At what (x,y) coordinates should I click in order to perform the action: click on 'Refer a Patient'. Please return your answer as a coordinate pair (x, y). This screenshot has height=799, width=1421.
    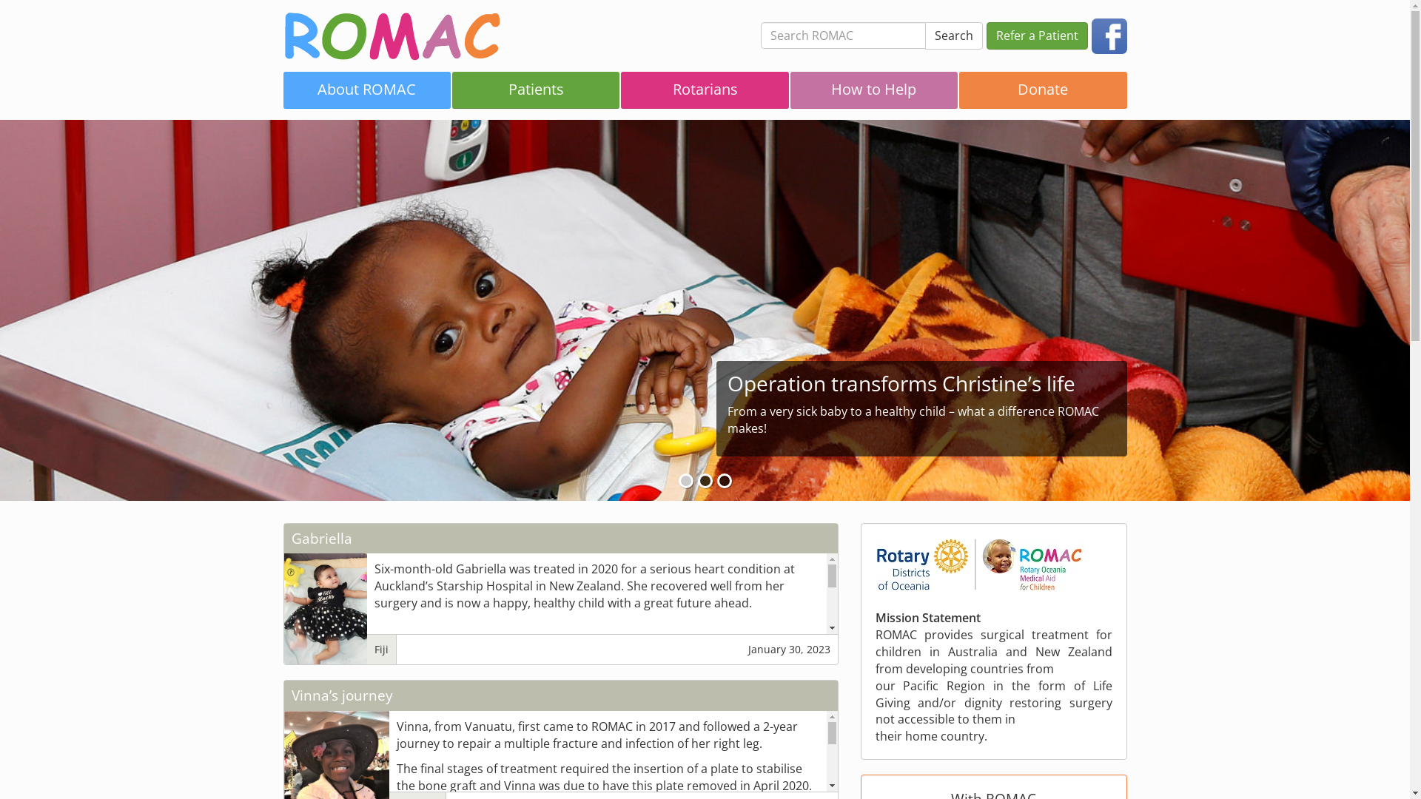
    Looking at the image, I should click on (1035, 35).